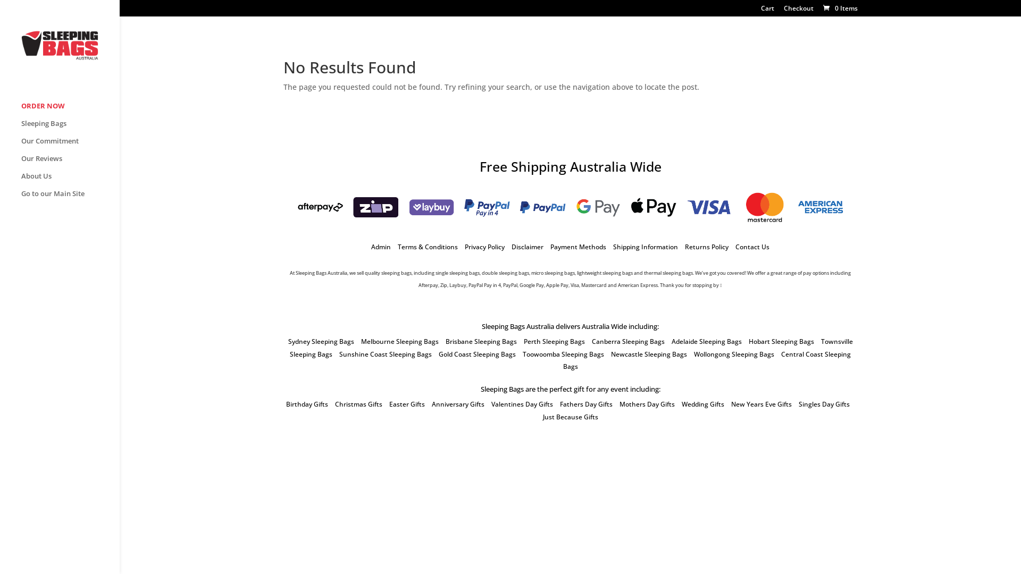 The width and height of the screenshot is (1021, 574). What do you see at coordinates (752, 247) in the screenshot?
I see `'Contact Us'` at bounding box center [752, 247].